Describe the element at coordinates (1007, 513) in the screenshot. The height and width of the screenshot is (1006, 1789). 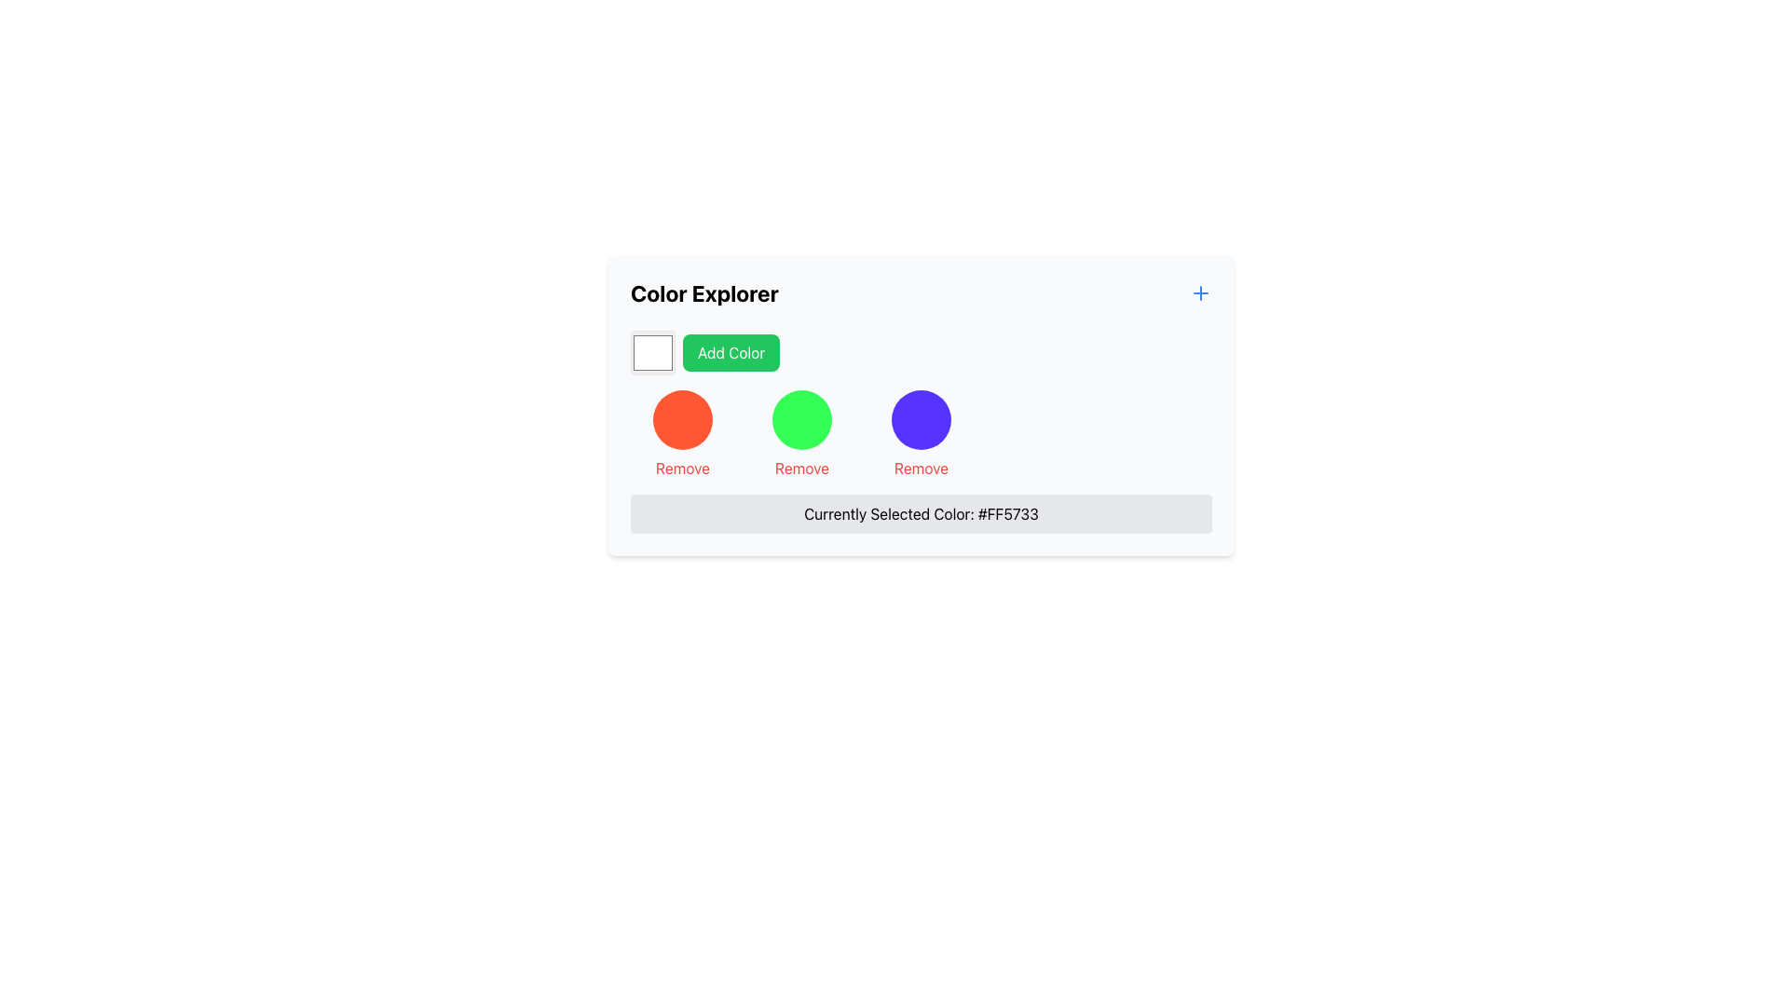
I see `the text label displaying the currently selected color in hexadecimal format, which is located inside a gray bar at the bottom of the interface, right after the label 'Currently Selected Color:'` at that location.